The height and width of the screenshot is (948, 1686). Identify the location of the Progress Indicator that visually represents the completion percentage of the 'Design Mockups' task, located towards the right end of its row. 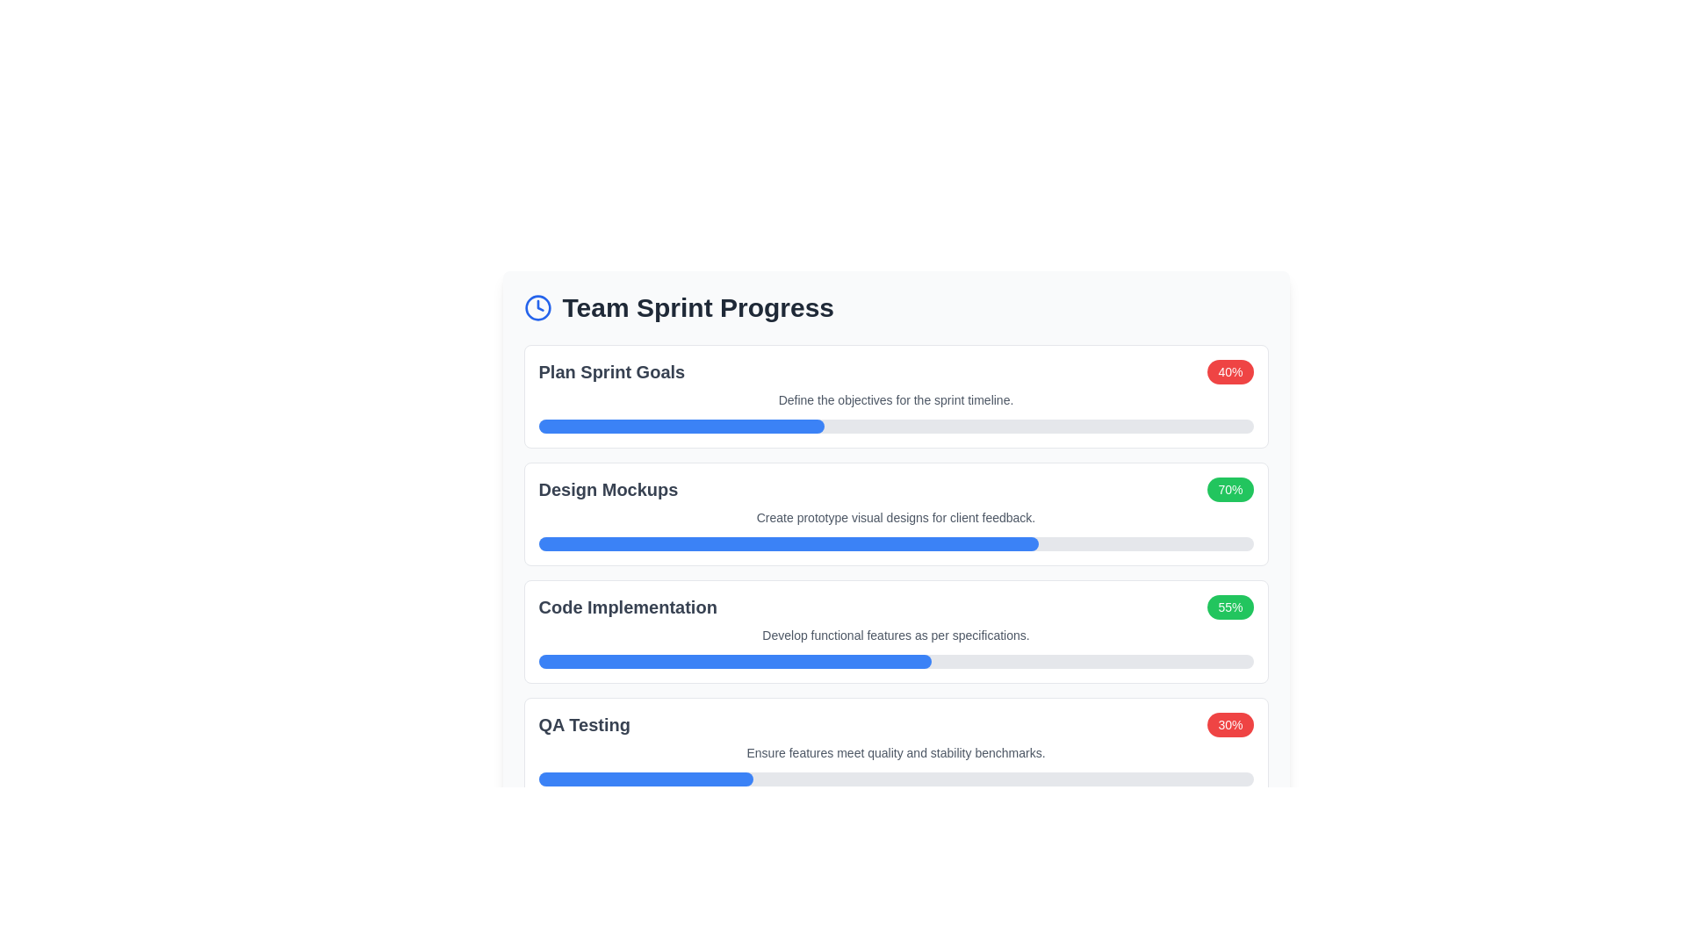
(1229, 490).